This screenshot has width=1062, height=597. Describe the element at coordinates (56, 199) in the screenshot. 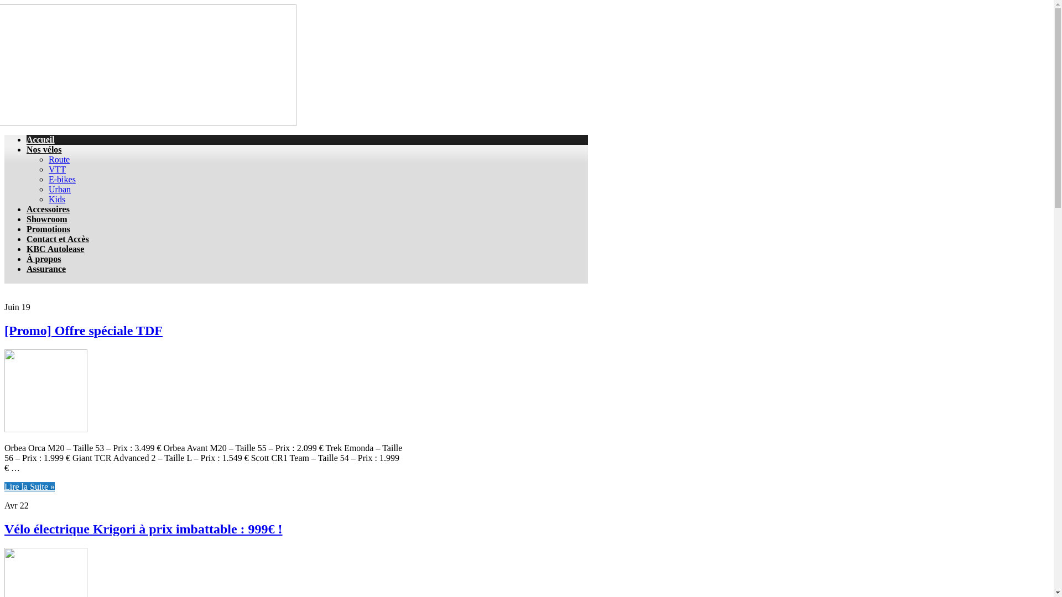

I see `'Kids'` at that location.